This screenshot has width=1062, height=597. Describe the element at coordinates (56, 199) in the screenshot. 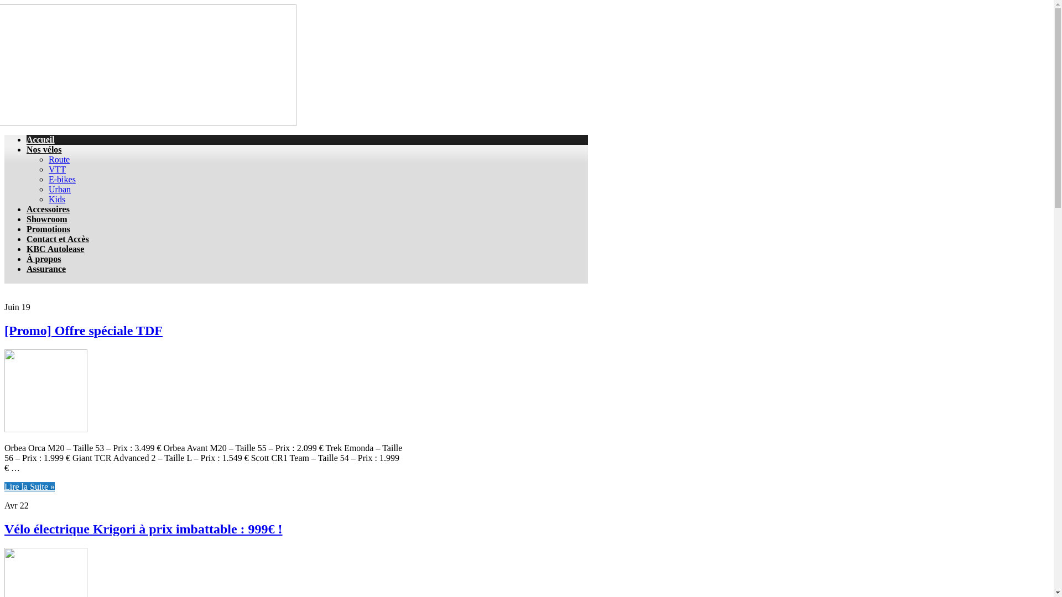

I see `'Kids'` at that location.